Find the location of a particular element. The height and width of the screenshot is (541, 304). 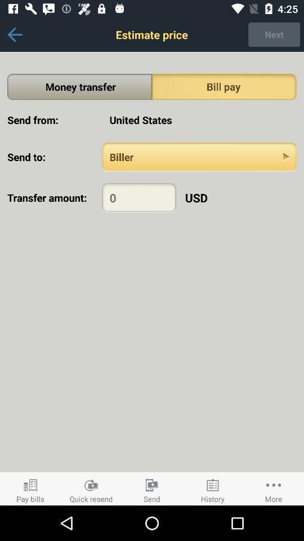

app to the right of the send from: icon is located at coordinates (199, 120).